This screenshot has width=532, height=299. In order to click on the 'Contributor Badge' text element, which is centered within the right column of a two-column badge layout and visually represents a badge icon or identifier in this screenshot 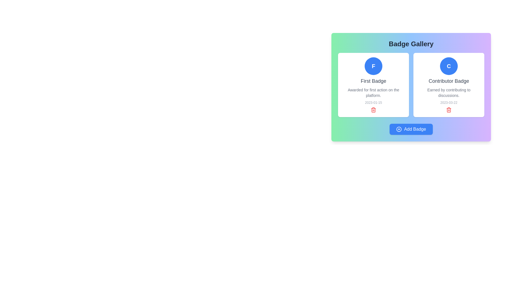, I will do `click(449, 66)`.